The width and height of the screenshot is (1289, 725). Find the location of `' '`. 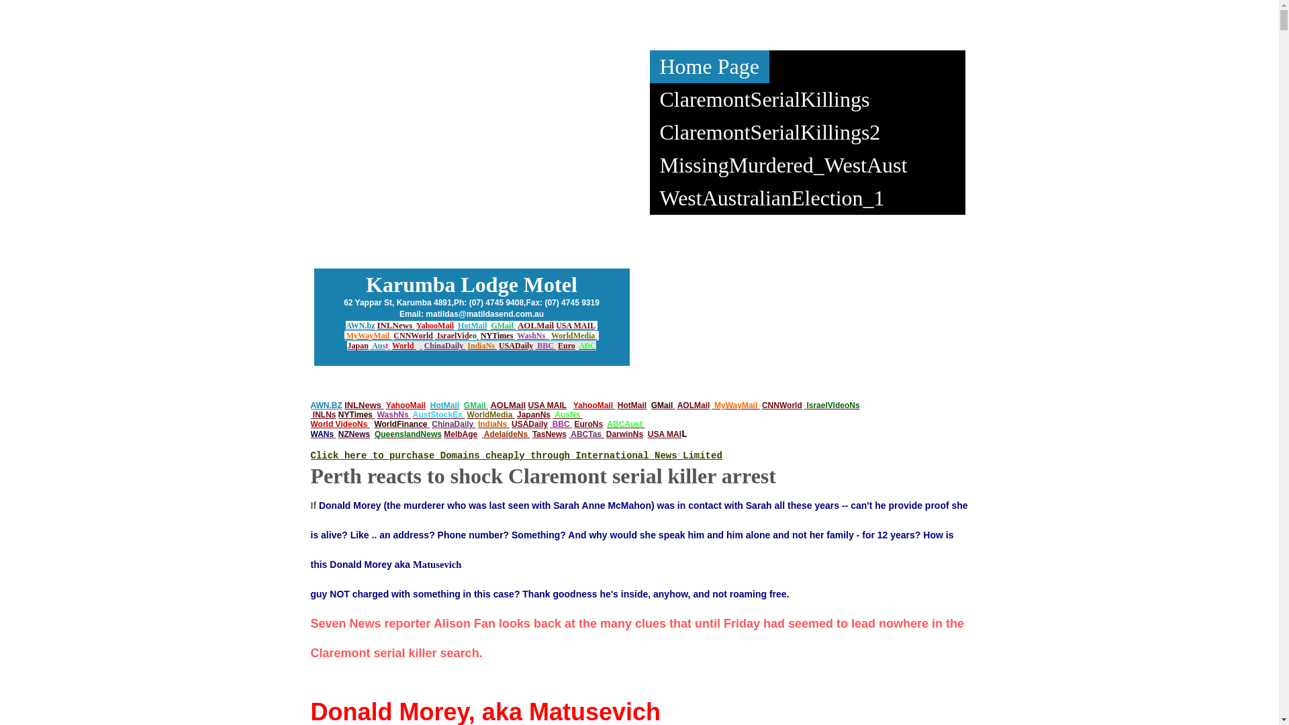

' ' is located at coordinates (512, 414).